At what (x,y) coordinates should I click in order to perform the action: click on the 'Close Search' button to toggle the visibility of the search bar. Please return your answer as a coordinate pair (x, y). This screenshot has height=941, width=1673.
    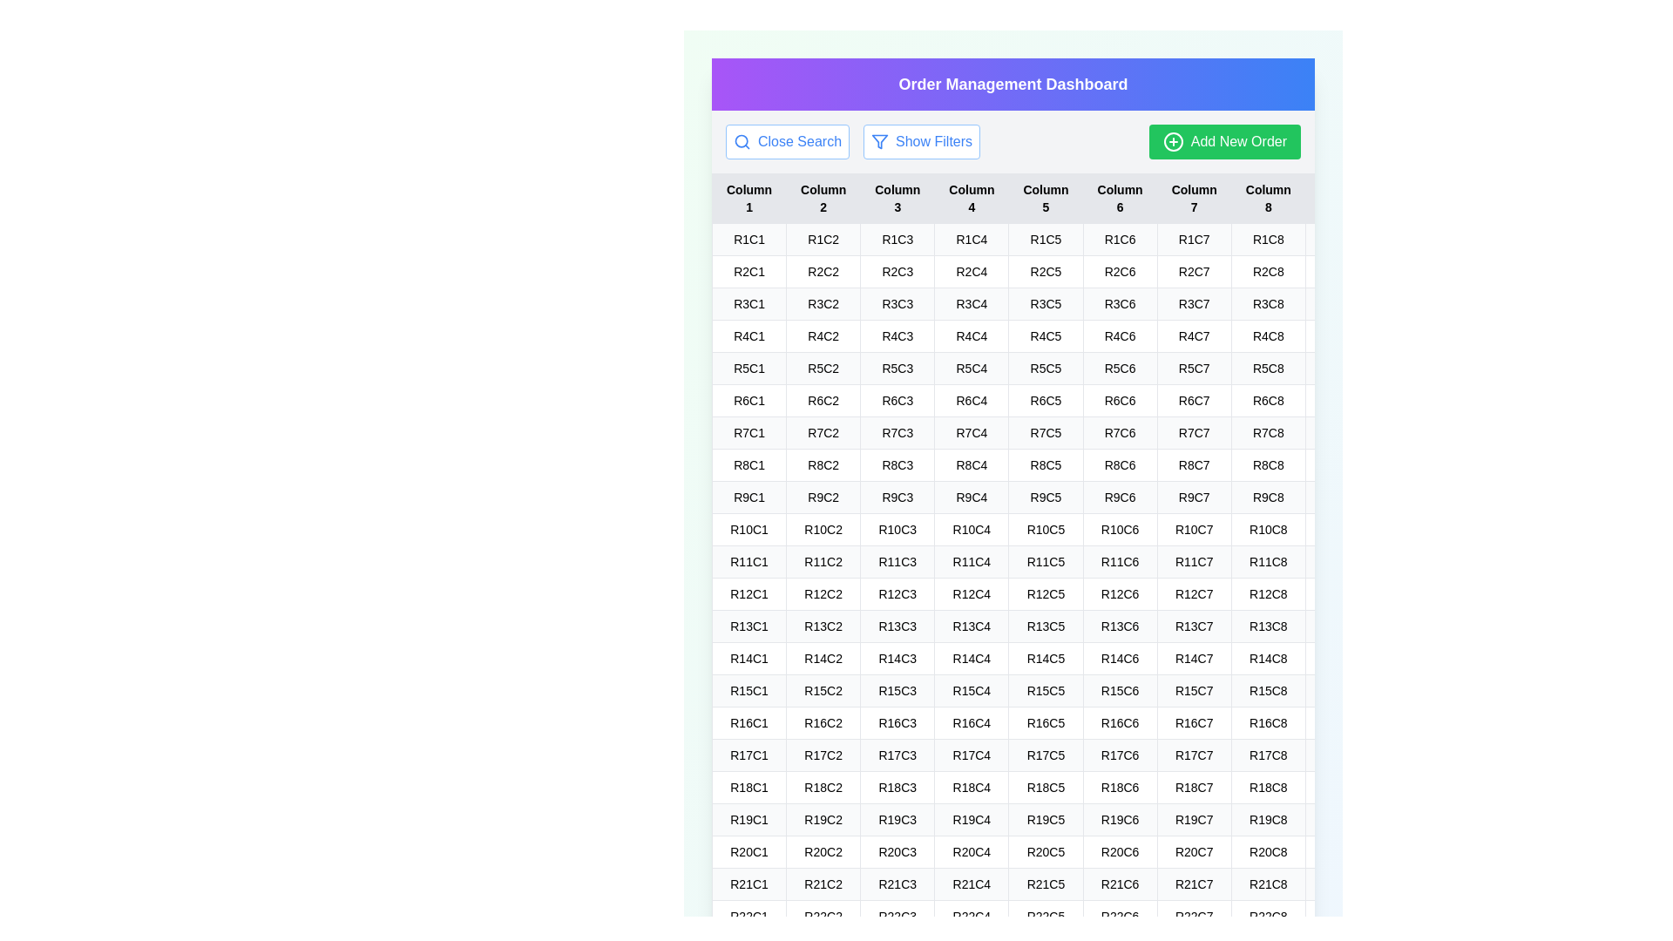
    Looking at the image, I should click on (786, 140).